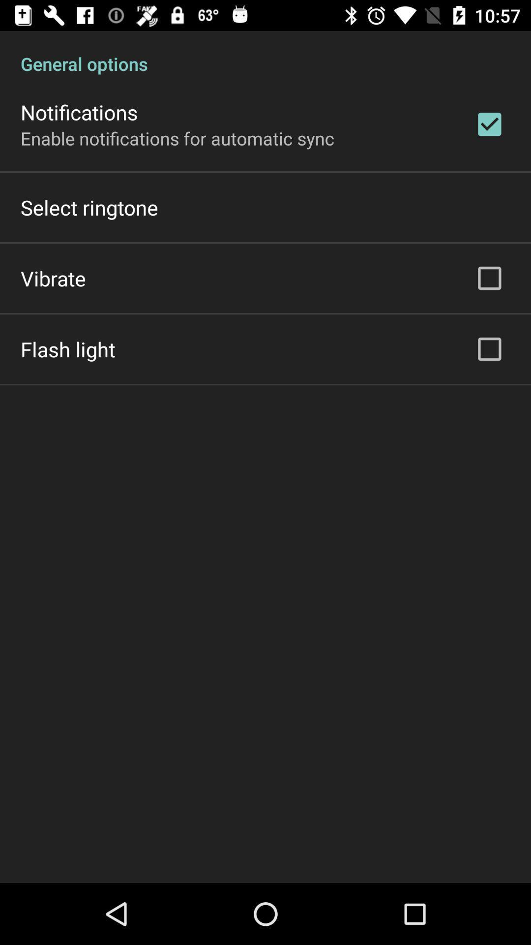 The image size is (531, 945). Describe the element at coordinates (265, 53) in the screenshot. I see `general options` at that location.